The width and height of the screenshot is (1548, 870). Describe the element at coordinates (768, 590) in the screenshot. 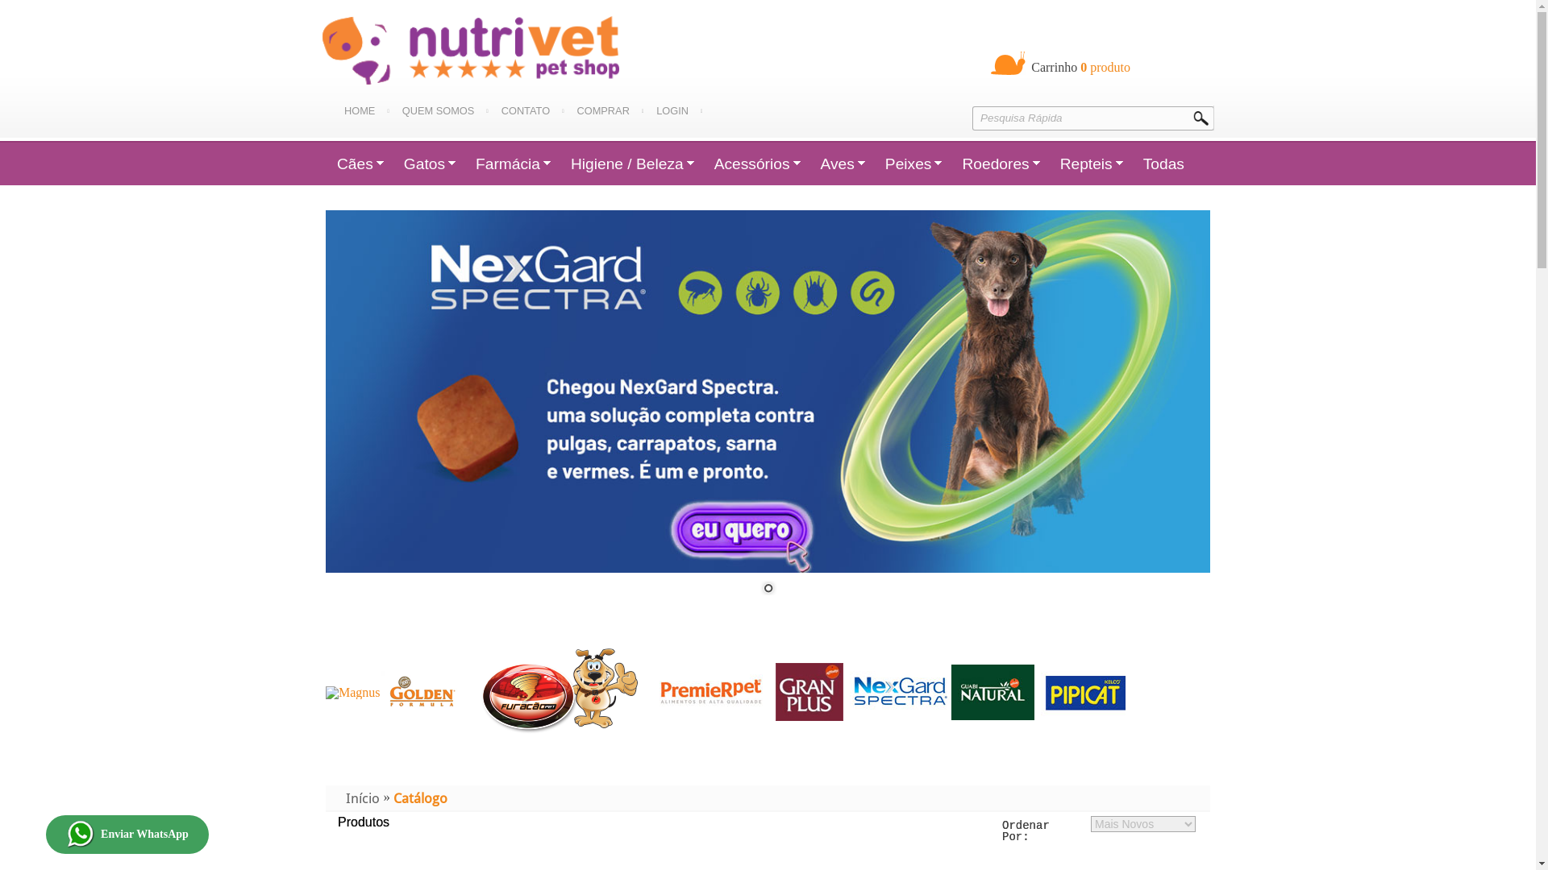

I see `'1'` at that location.